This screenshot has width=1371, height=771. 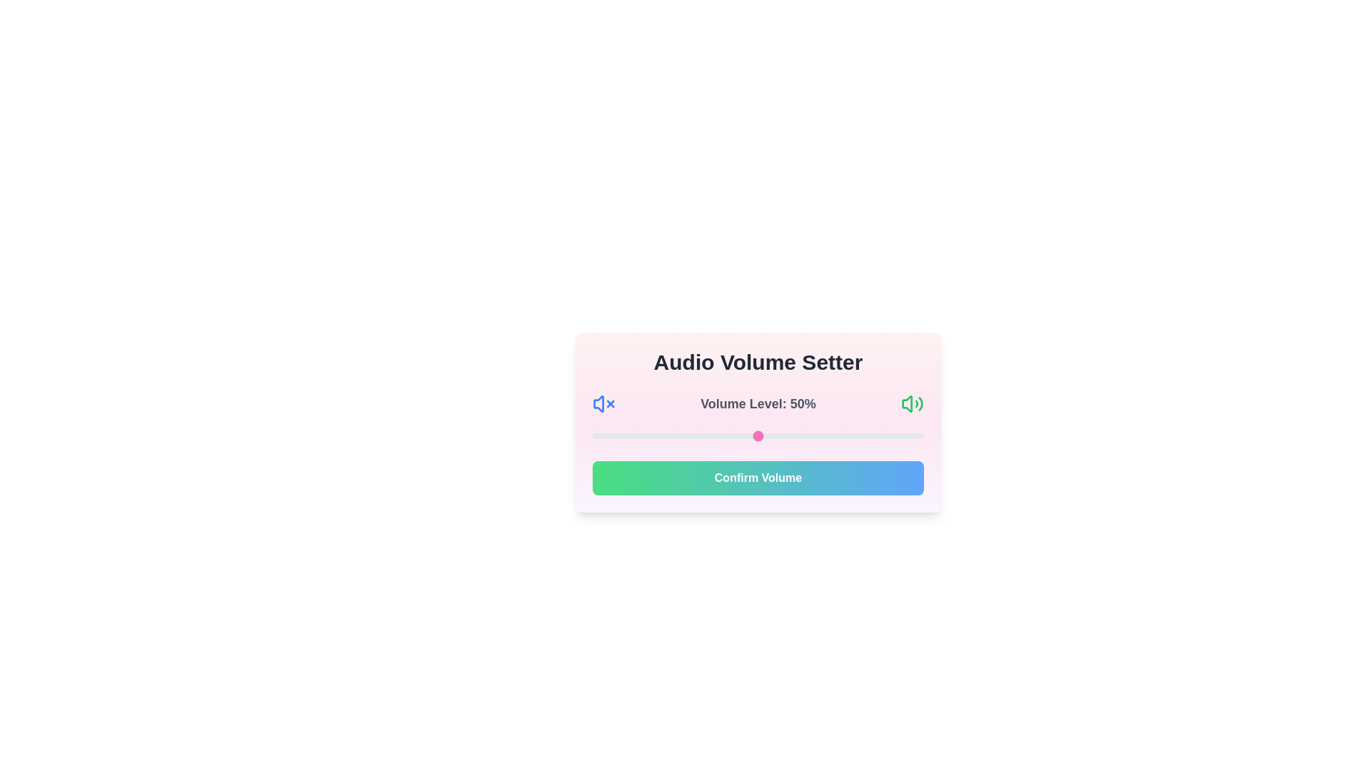 I want to click on the volume, so click(x=692, y=435).